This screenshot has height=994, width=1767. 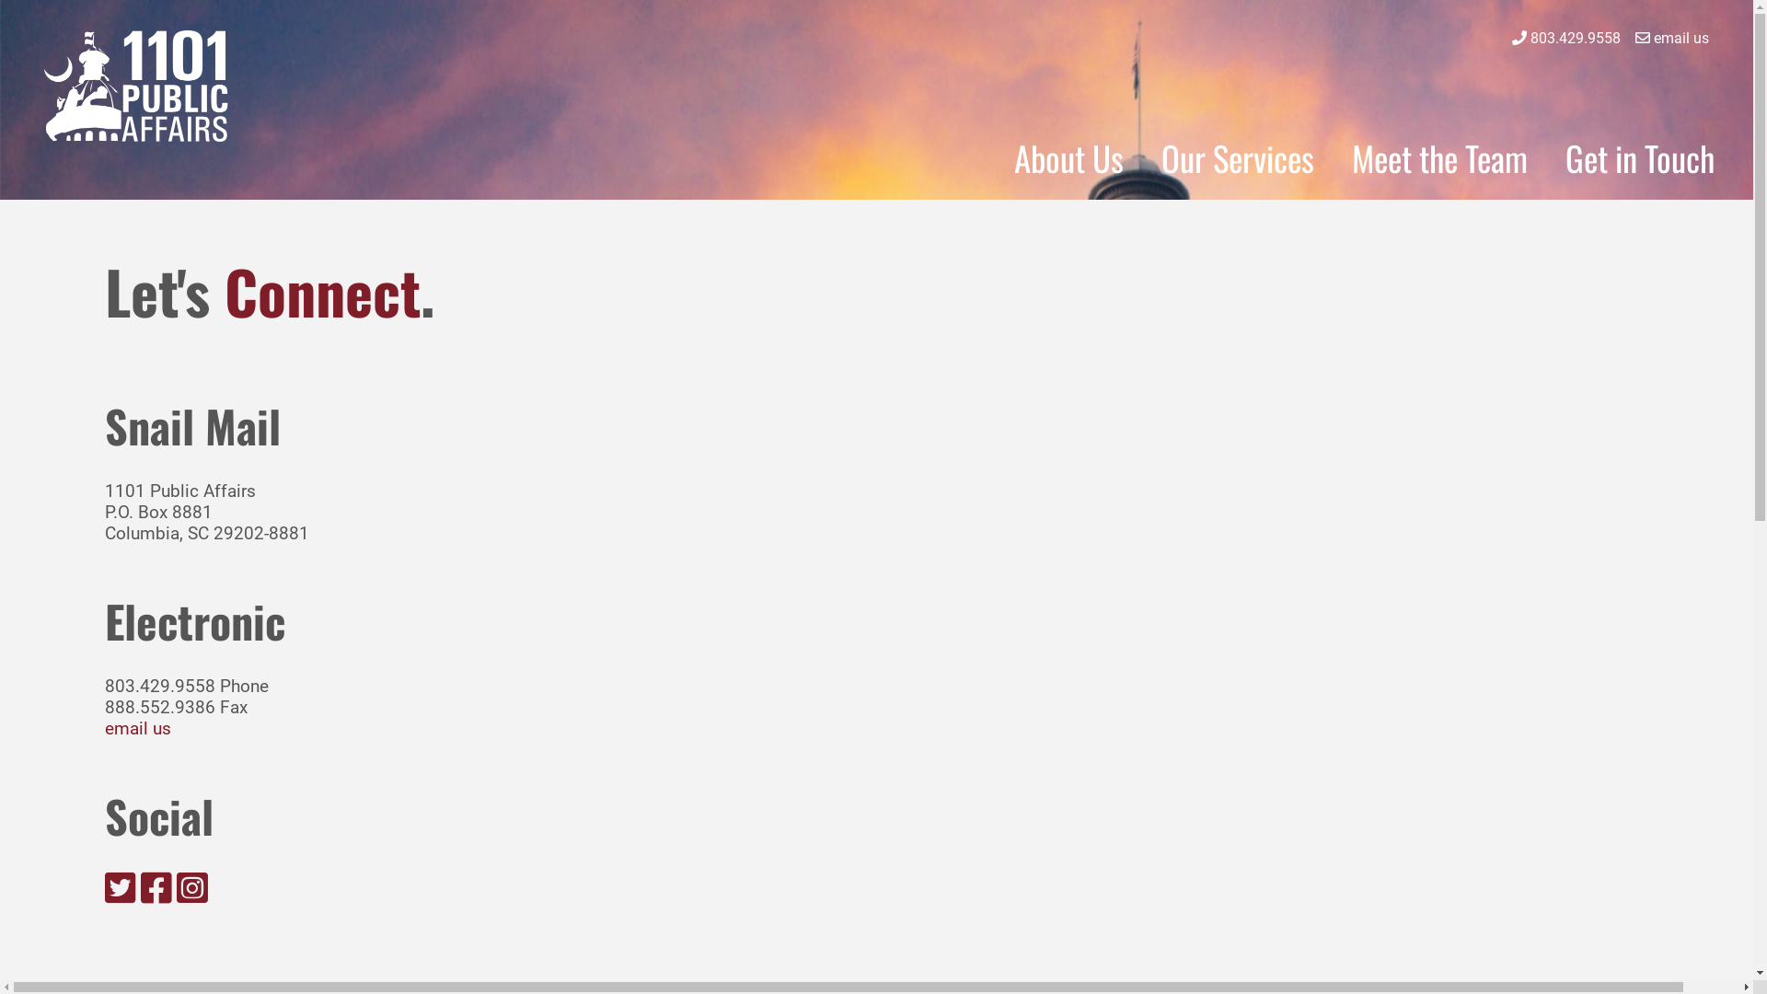 What do you see at coordinates (192, 886) in the screenshot?
I see `'Instagram'` at bounding box center [192, 886].